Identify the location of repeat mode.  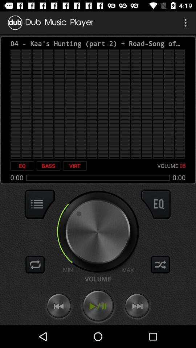
(35, 264).